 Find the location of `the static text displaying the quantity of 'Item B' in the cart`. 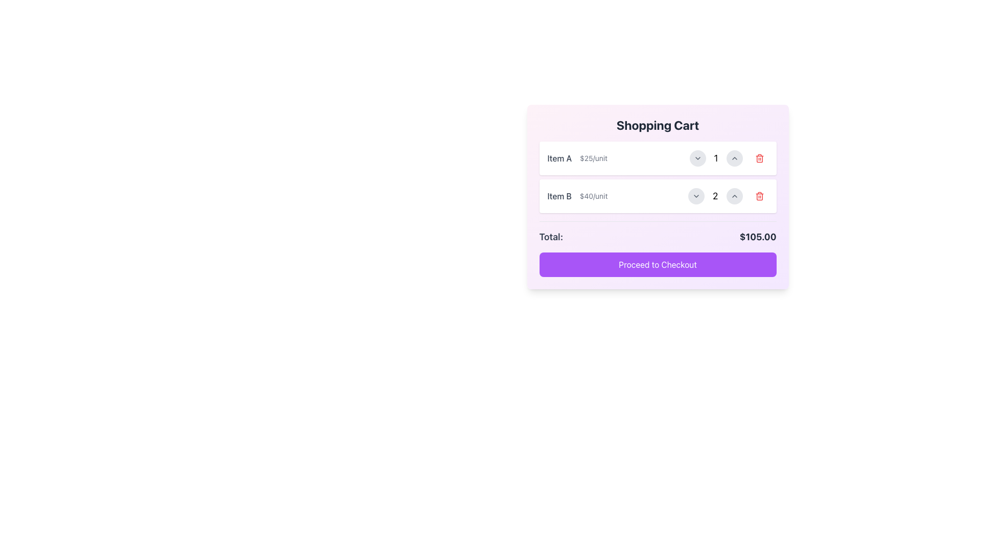

the static text displaying the quantity of 'Item B' in the cart is located at coordinates (715, 196).